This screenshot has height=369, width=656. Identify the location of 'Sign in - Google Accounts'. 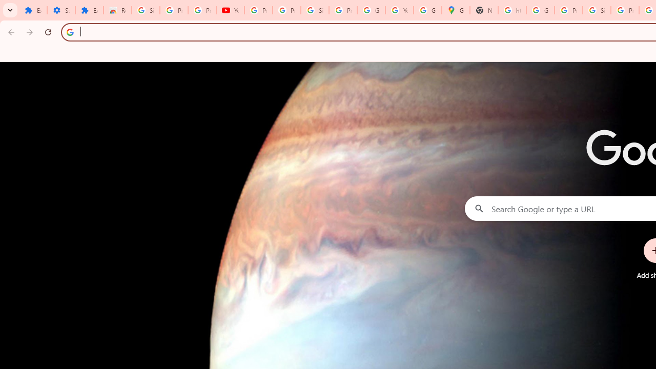
(315, 10).